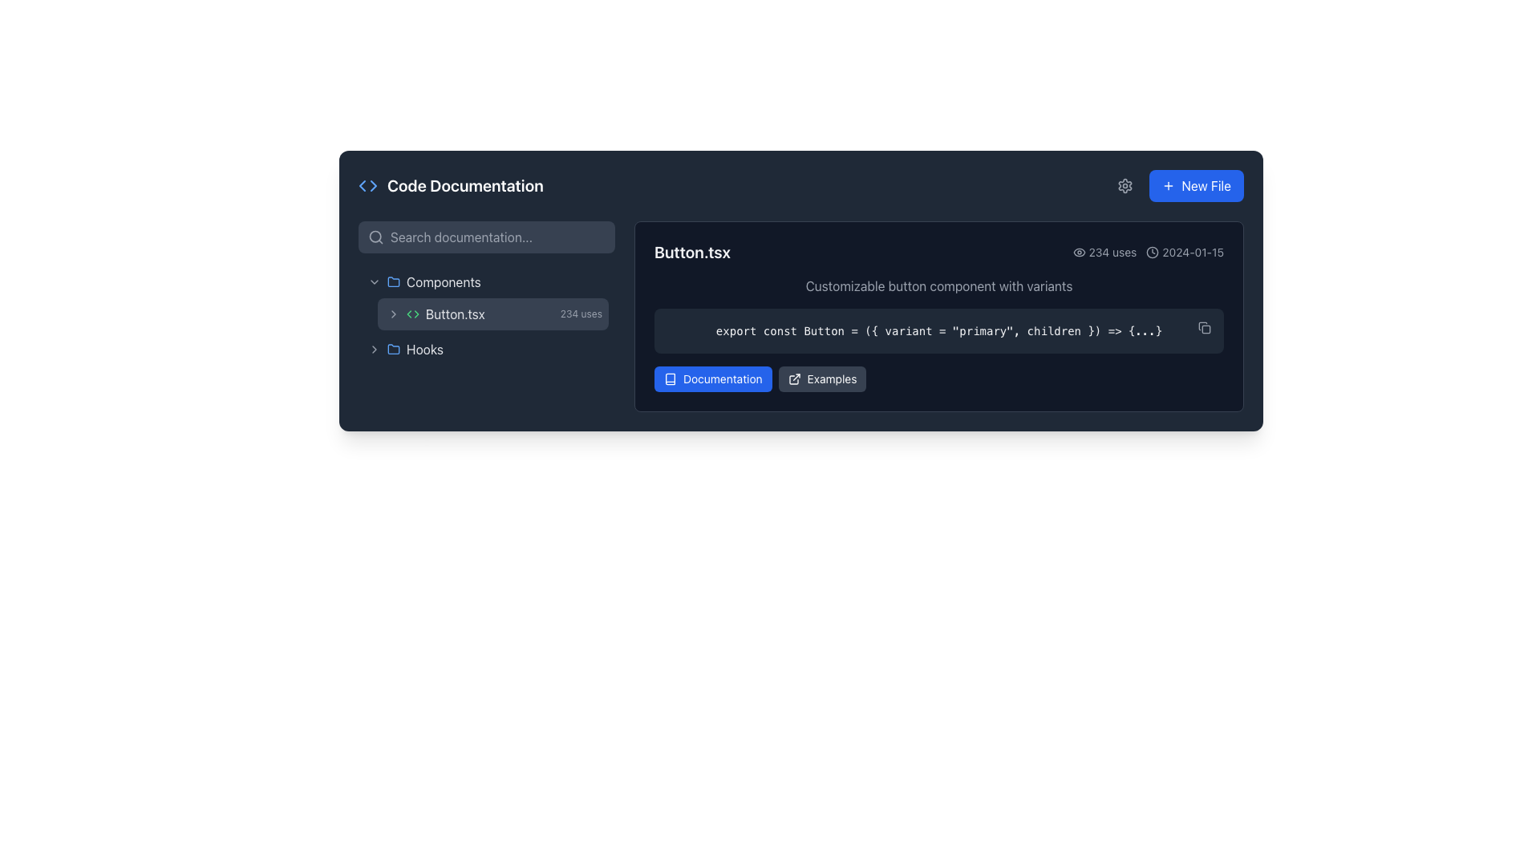 The width and height of the screenshot is (1540, 866). I want to click on the 'Button.tsx' file entry list item styled as a button with a dark background, so click(483, 297).